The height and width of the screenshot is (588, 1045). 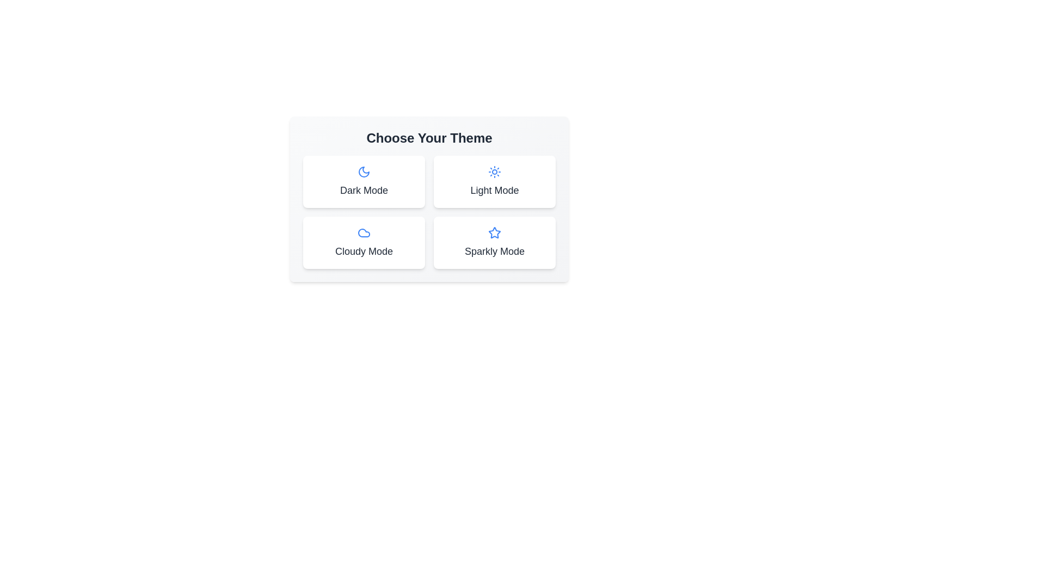 I want to click on the moon icon with a crescent shape, styled with blue lines on a white background, located at the top of the 'Dark Mode' option box in the theme selection grid, so click(x=364, y=171).